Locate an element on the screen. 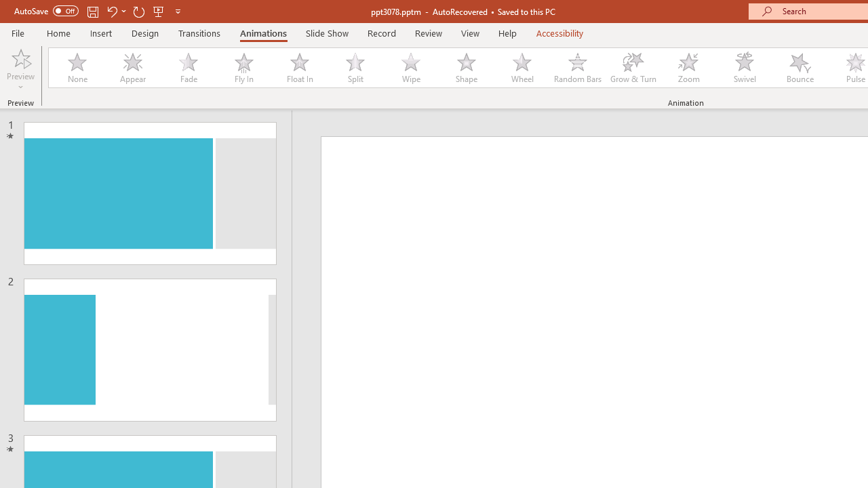 Image resolution: width=868 pixels, height=488 pixels. 'Random Bars' is located at coordinates (578, 68).